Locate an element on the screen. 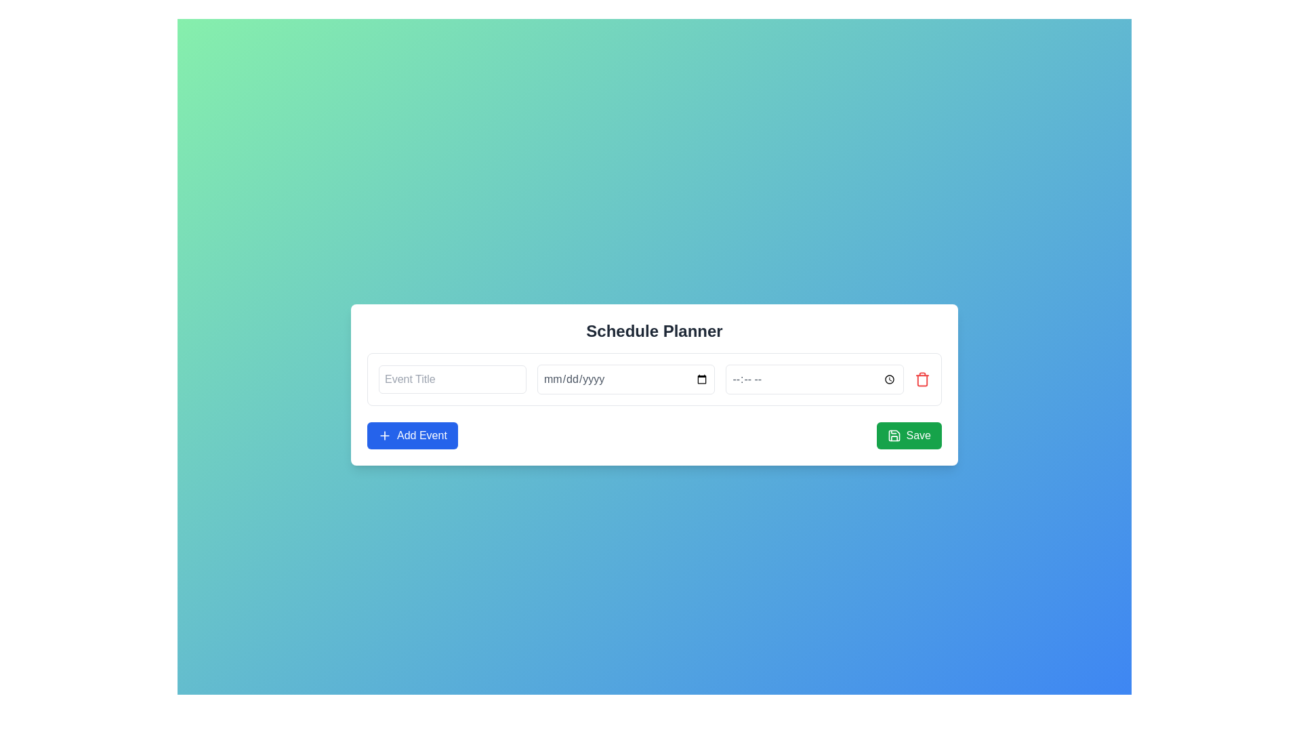 The image size is (1301, 732). the save icon located within the 'Save' button in the bottom-right corner of the modal, which visually represents the save action is located at coordinates (894, 436).